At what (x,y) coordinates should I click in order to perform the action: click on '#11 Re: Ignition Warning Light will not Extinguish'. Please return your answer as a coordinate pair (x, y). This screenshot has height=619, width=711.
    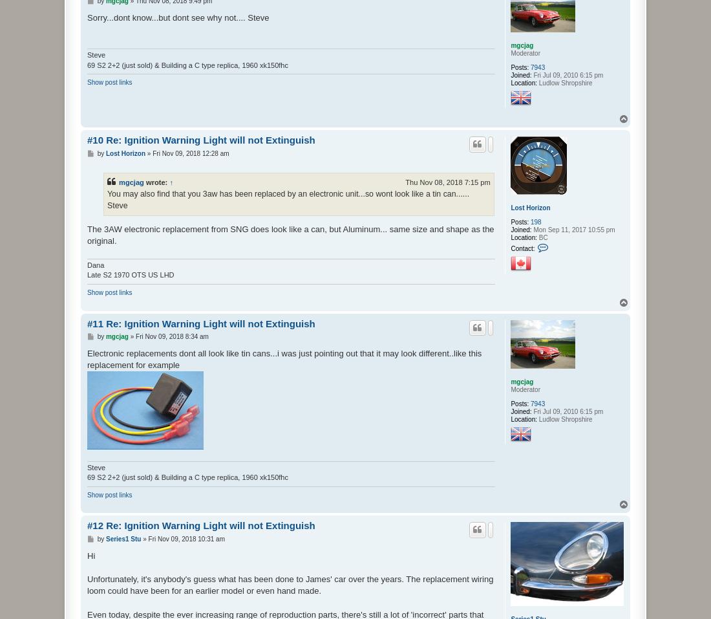
    Looking at the image, I should click on (200, 323).